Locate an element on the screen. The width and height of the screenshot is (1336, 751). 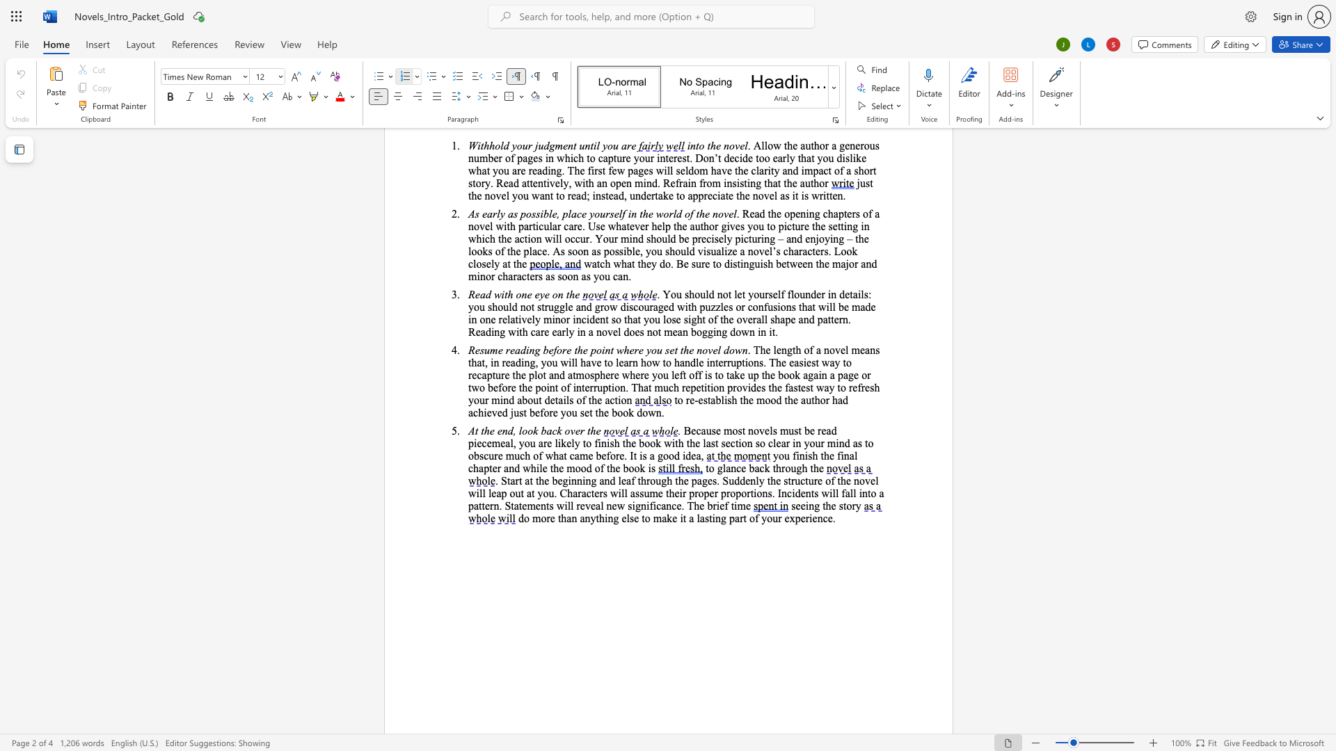
the 1th character "n" in the text is located at coordinates (845, 455).